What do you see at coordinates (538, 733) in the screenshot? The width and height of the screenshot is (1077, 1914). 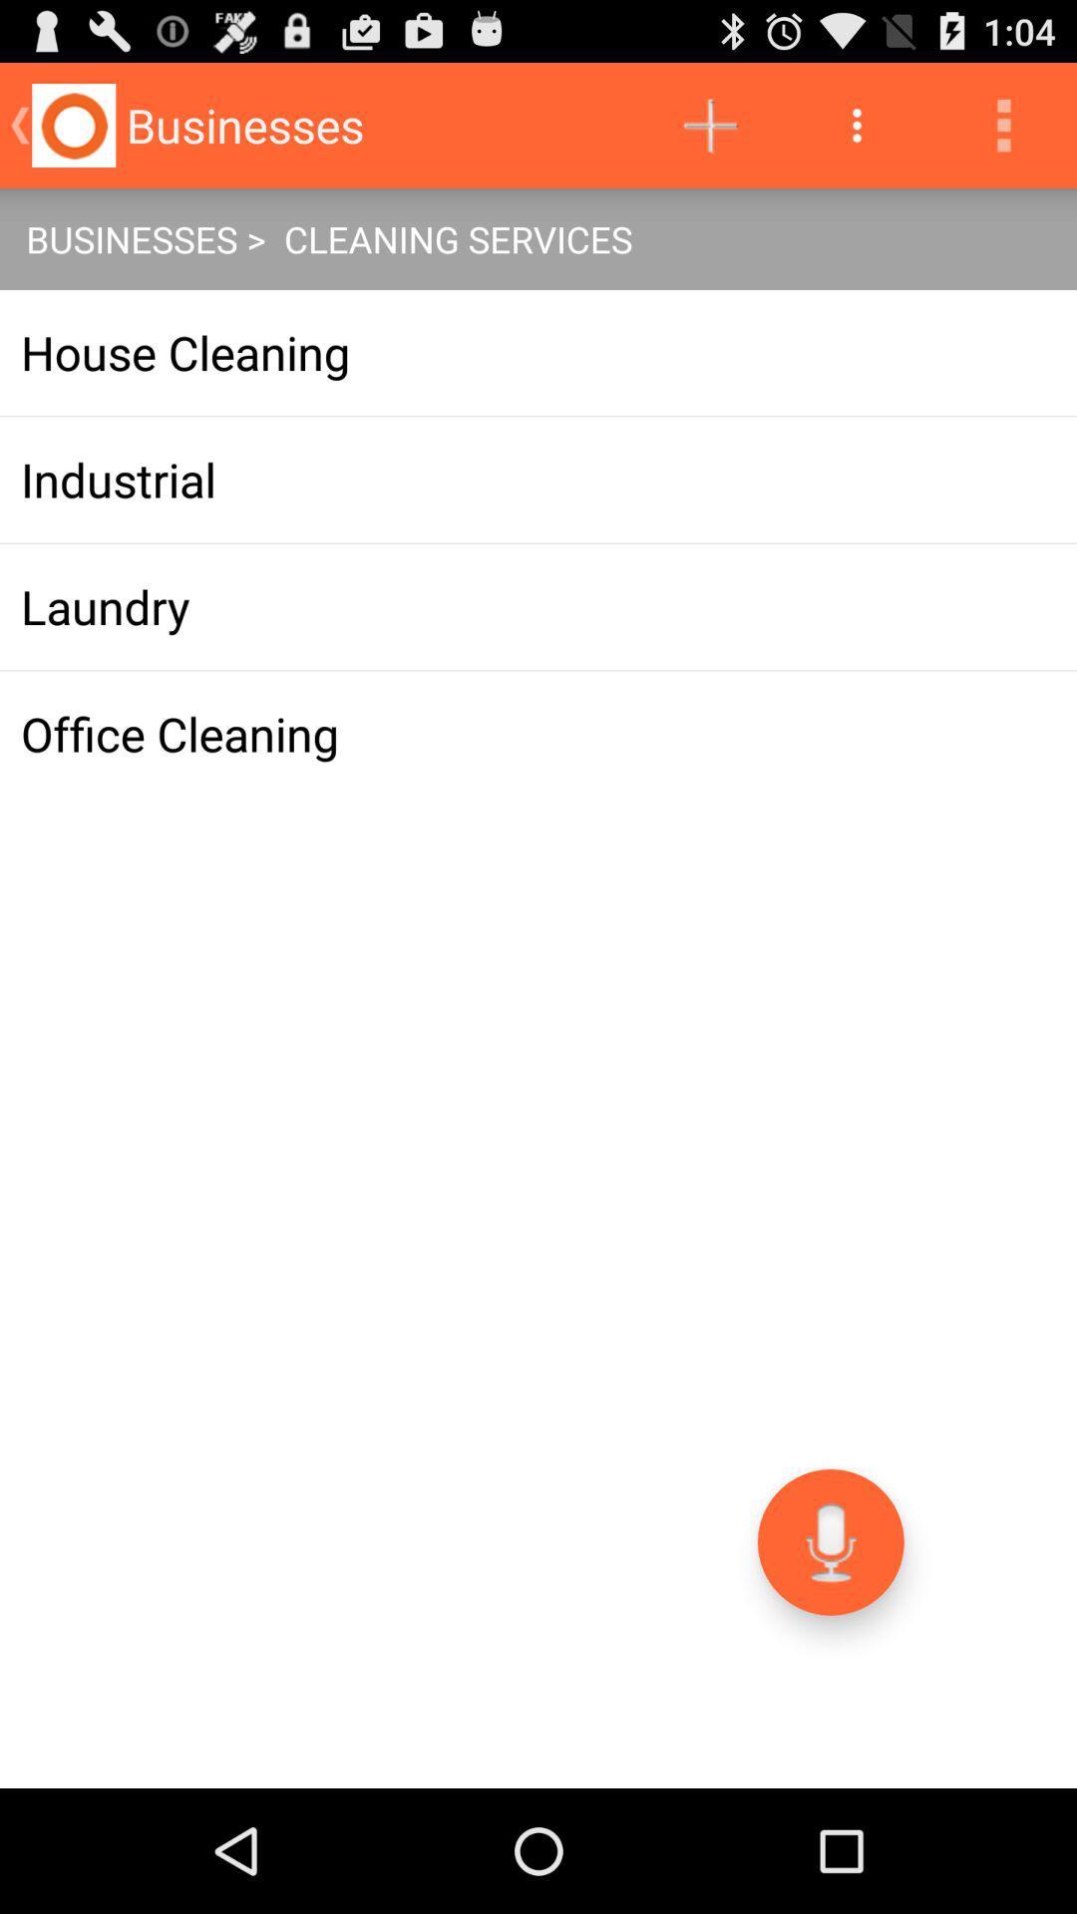 I see `icon below the laundry` at bounding box center [538, 733].